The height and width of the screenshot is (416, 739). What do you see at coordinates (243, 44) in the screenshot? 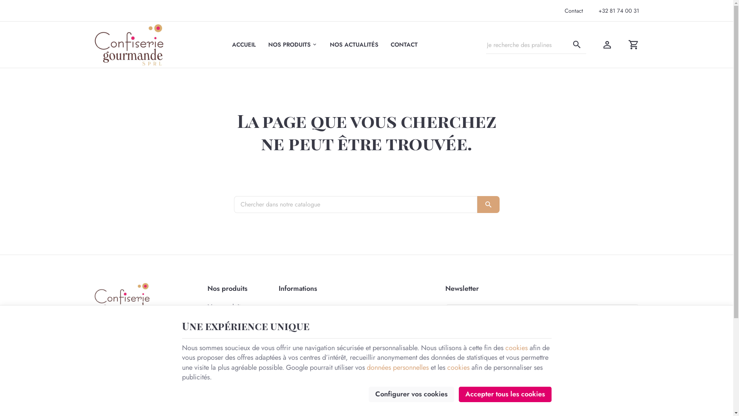
I see `'ACCUEIL'` at bounding box center [243, 44].